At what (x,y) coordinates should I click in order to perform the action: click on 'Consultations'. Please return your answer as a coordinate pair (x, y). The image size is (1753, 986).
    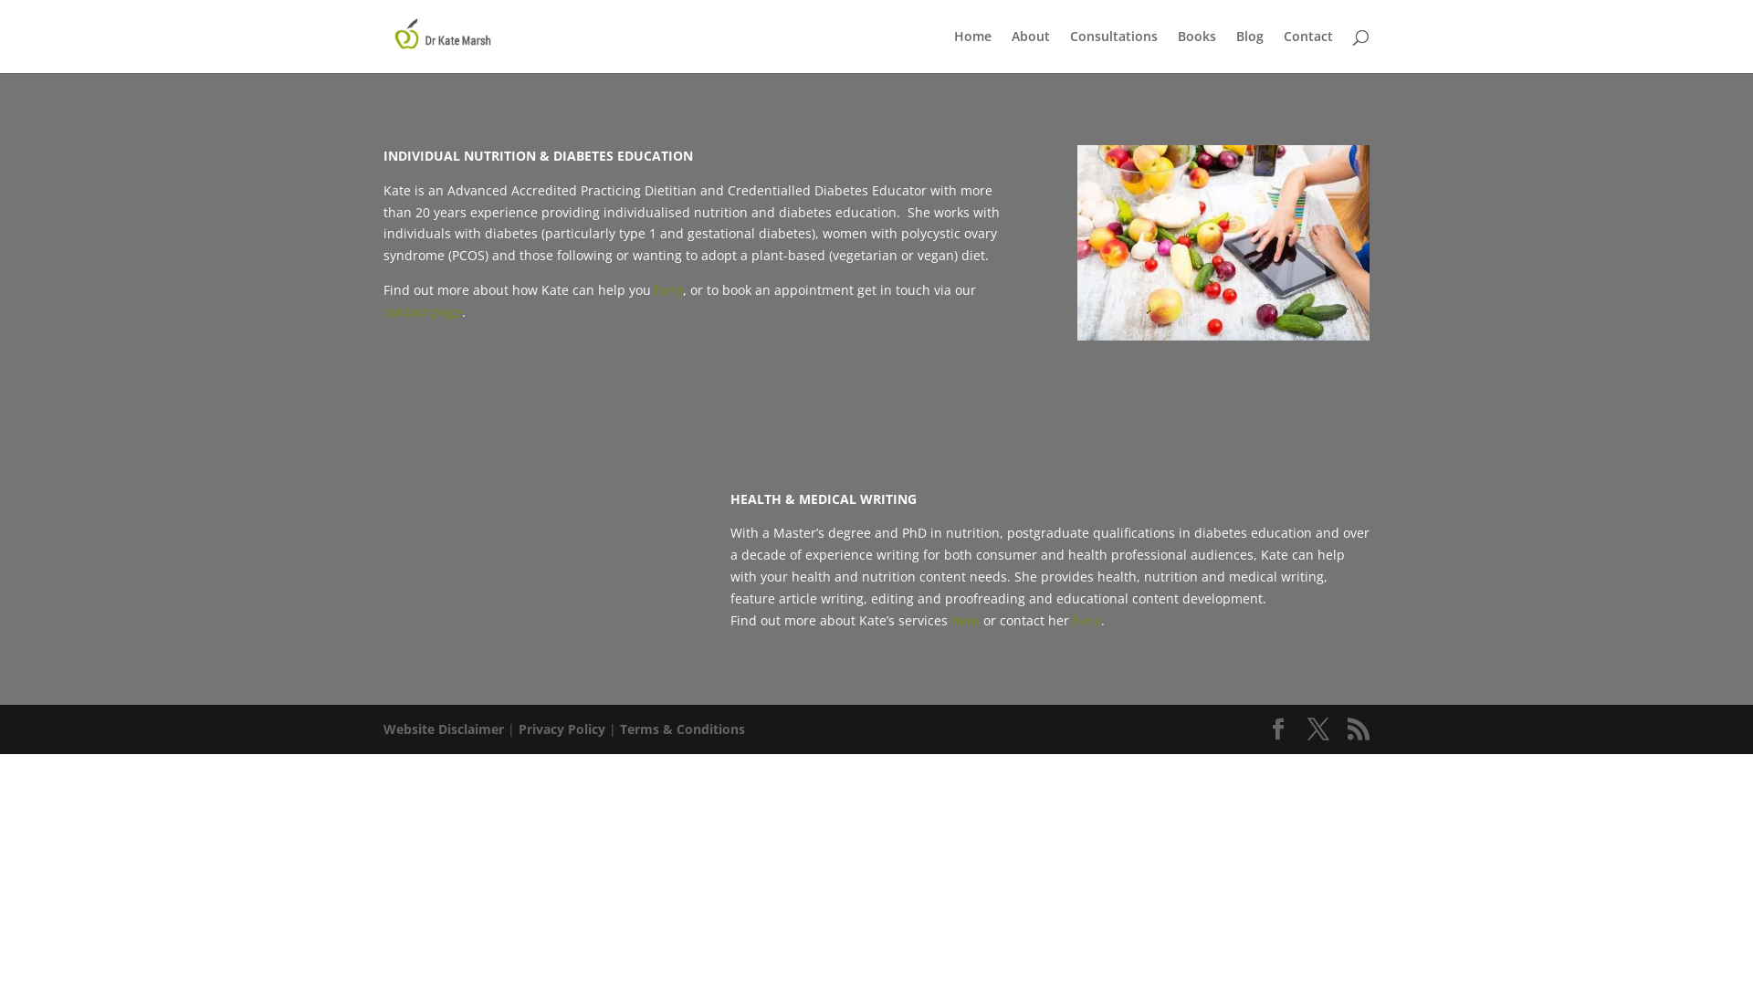
    Looking at the image, I should click on (1112, 50).